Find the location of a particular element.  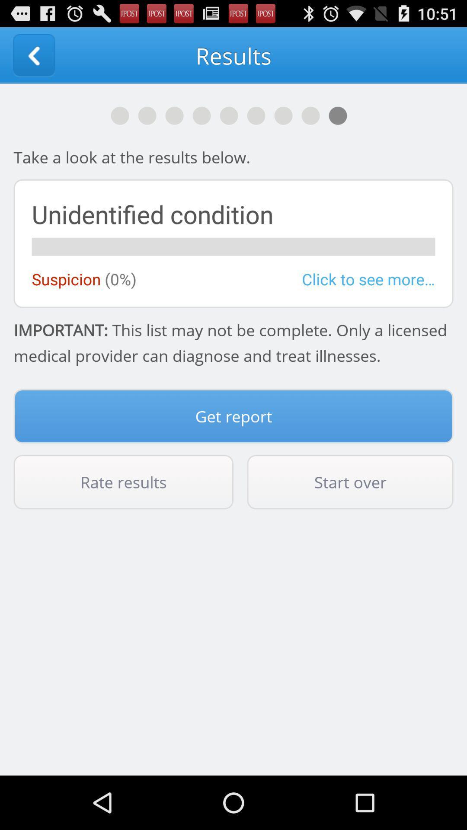

start over item is located at coordinates (350, 482).